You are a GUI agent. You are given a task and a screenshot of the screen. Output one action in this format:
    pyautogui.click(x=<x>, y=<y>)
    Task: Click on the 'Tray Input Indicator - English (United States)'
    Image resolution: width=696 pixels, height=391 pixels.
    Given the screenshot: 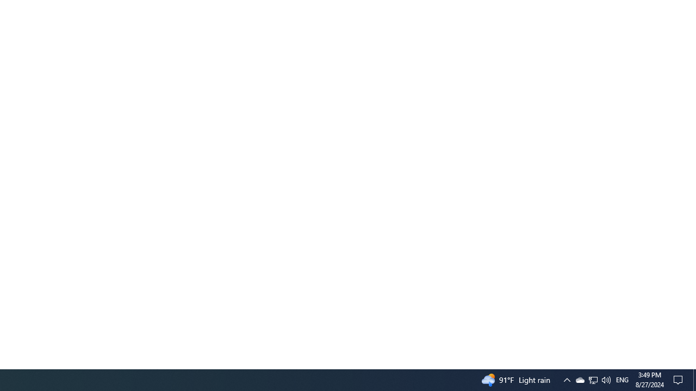 What is the action you would take?
    pyautogui.click(x=622, y=379)
    